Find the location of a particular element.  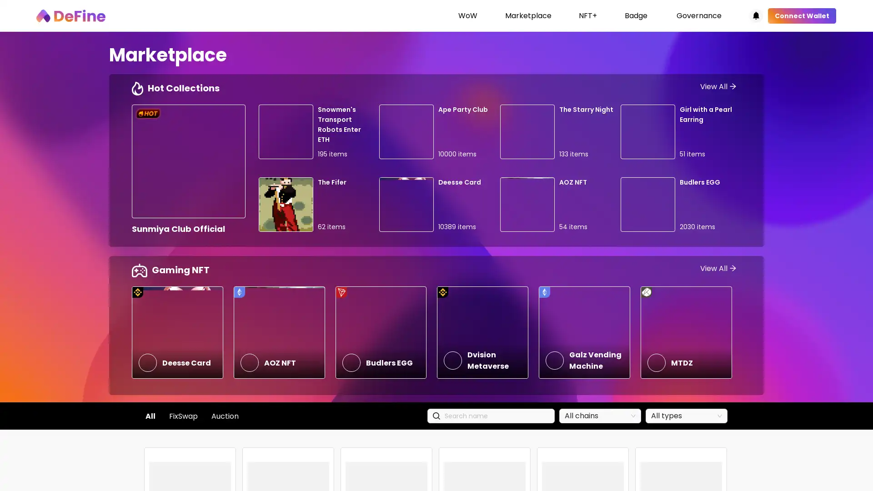

Connect Wallet is located at coordinates (802, 15).